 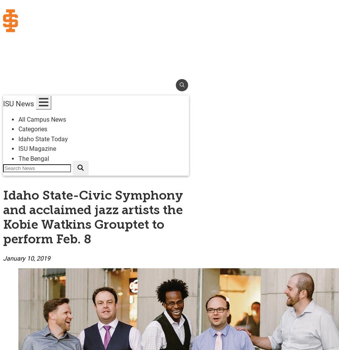 I want to click on 'Pharmacy', so click(x=16, y=162).